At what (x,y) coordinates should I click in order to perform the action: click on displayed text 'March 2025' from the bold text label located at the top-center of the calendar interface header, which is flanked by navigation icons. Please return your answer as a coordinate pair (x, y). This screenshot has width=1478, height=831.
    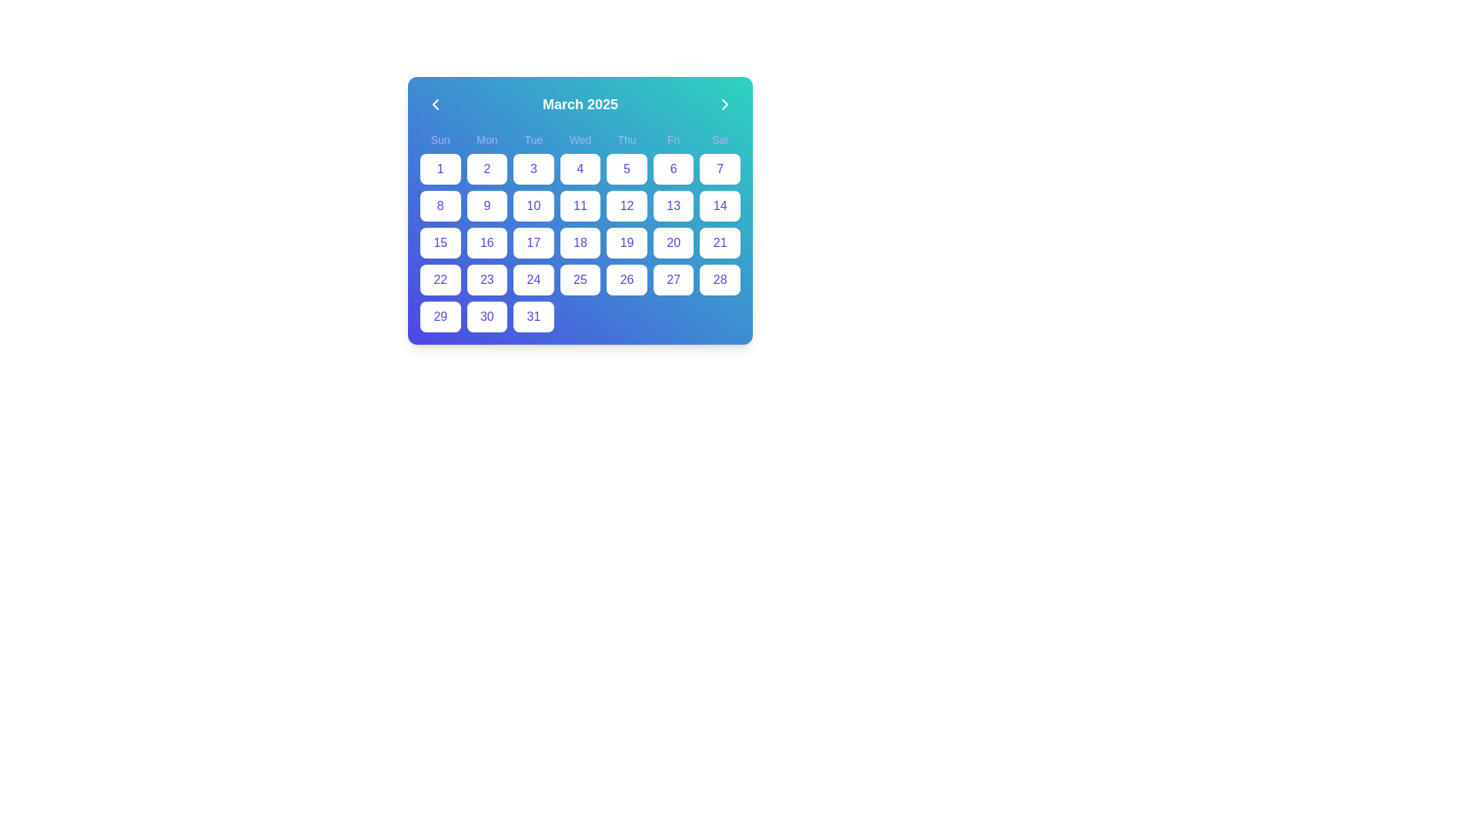
    Looking at the image, I should click on (579, 104).